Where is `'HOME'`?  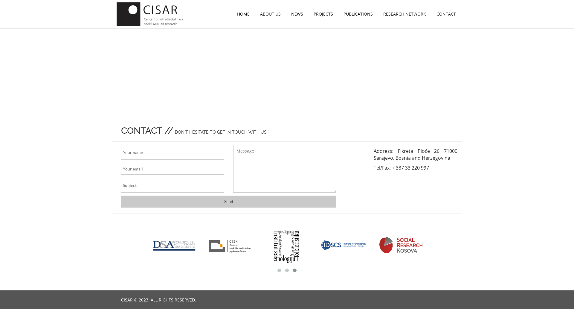 'HOME' is located at coordinates (243, 13).